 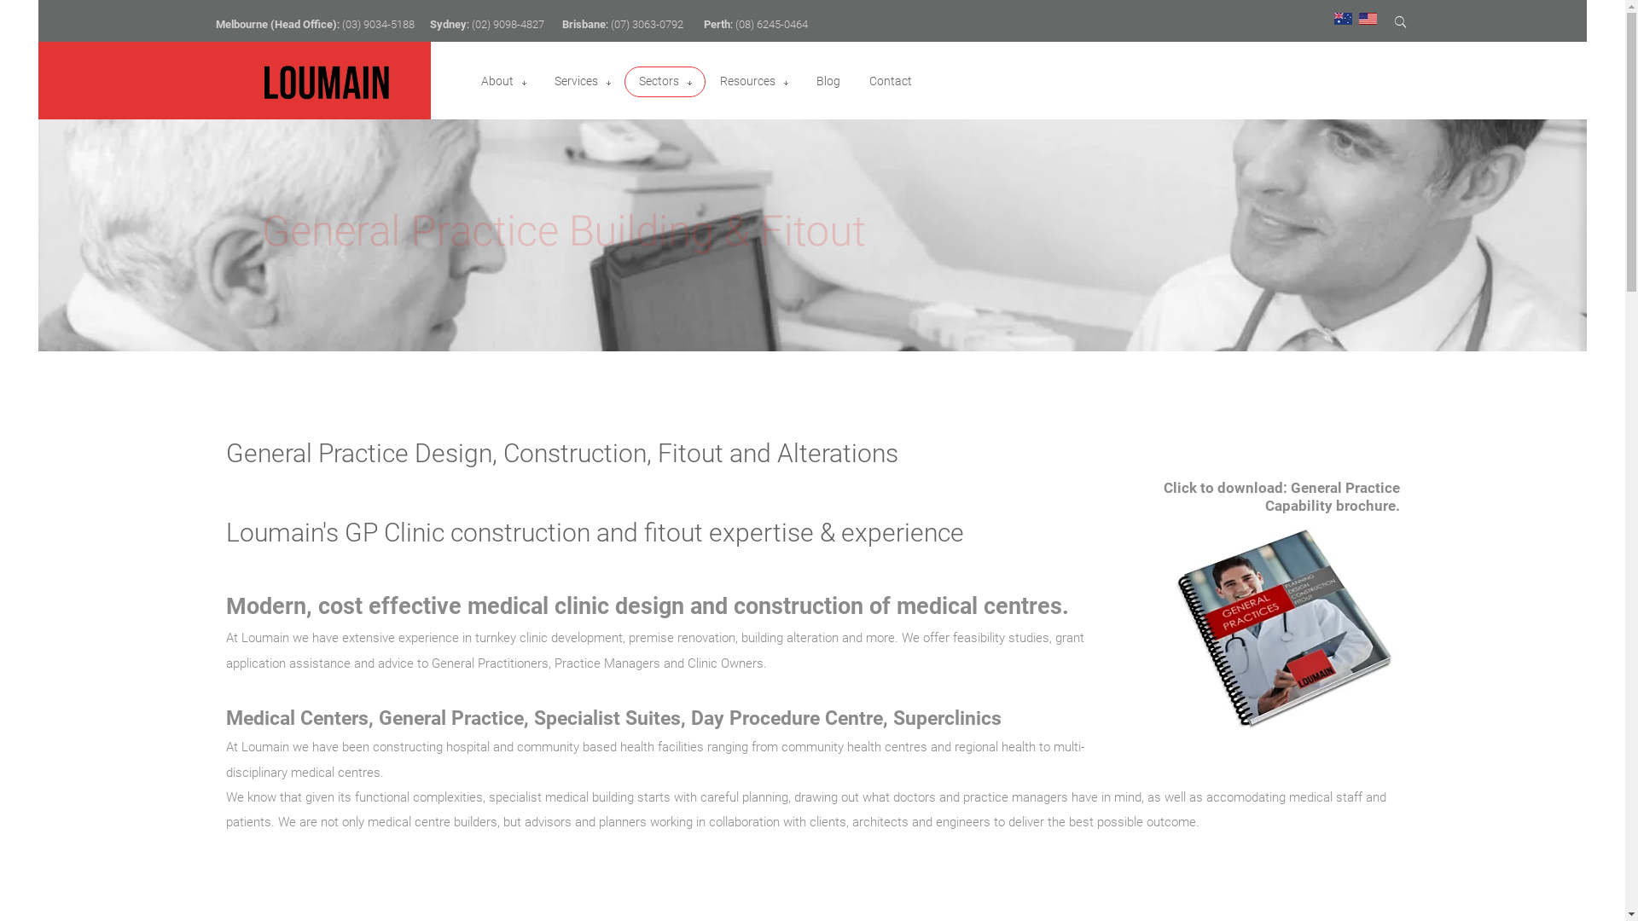 What do you see at coordinates (646, 24) in the screenshot?
I see `'(07) 3063-0792'` at bounding box center [646, 24].